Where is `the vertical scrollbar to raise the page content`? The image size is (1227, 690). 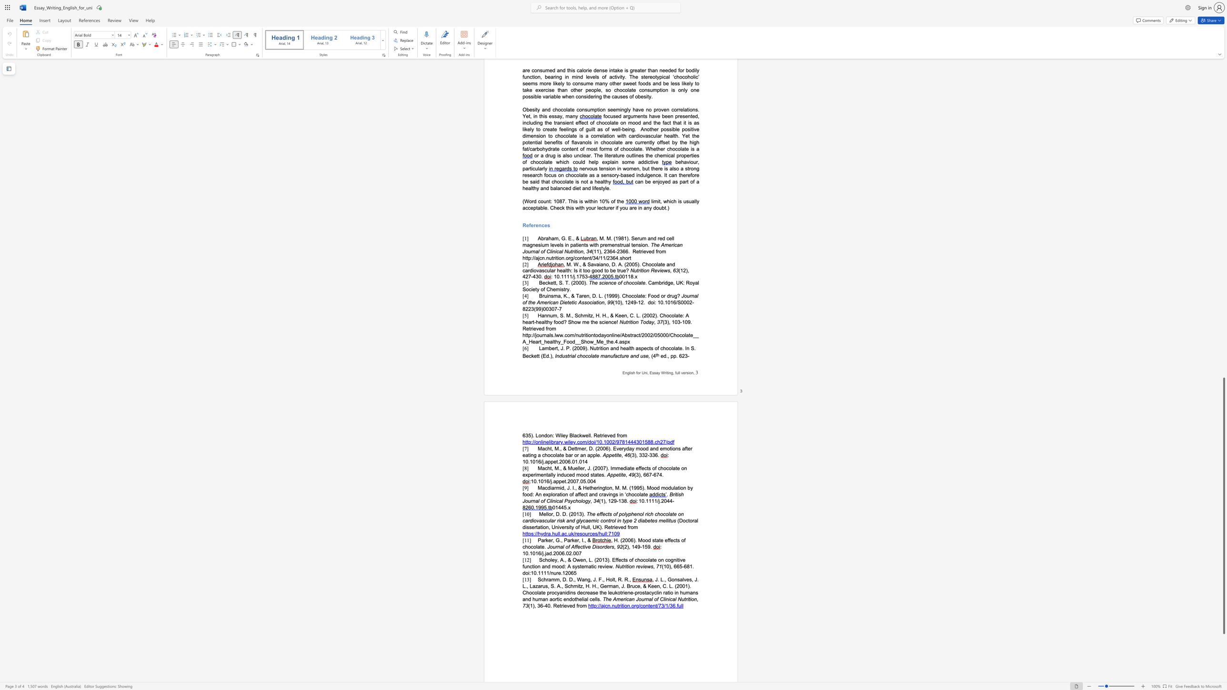
the vertical scrollbar to raise the page content is located at coordinates (1223, 342).